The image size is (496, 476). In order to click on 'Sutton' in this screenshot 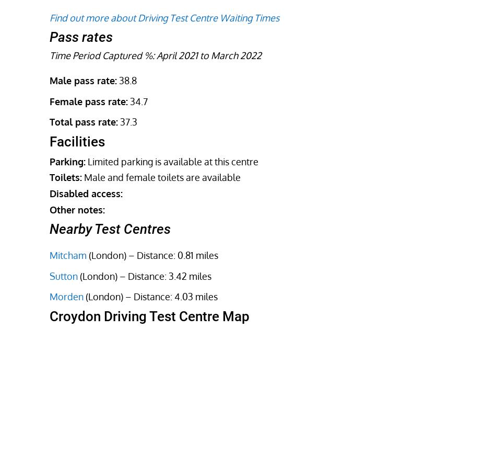, I will do `click(63, 275)`.